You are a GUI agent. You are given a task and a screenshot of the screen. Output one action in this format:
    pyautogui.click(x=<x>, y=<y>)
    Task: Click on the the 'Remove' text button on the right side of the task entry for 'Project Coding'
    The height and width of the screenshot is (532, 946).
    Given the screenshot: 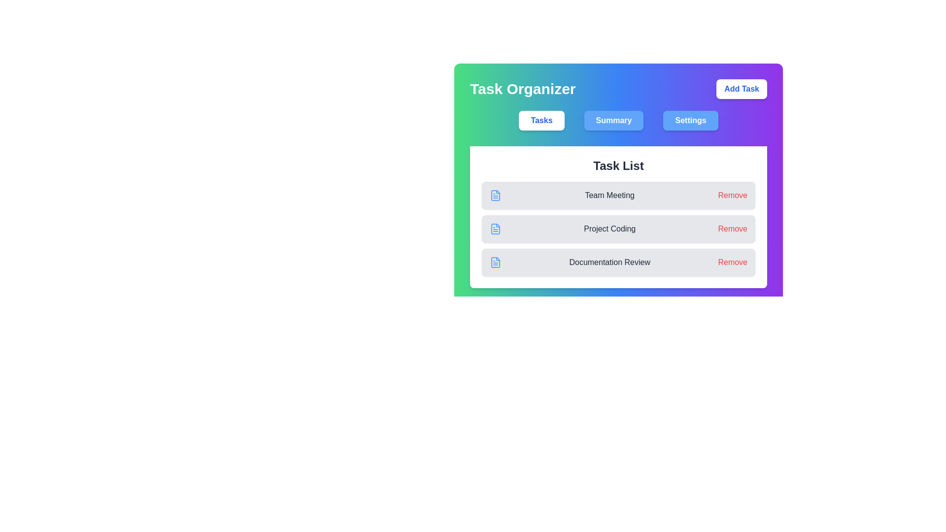 What is the action you would take?
    pyautogui.click(x=733, y=229)
    